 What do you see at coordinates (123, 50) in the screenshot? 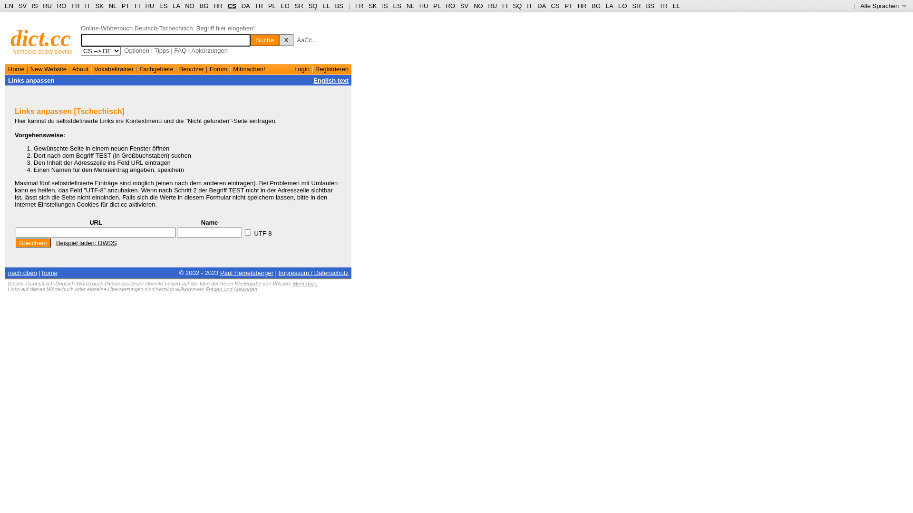
I see `'Optionen'` at bounding box center [123, 50].